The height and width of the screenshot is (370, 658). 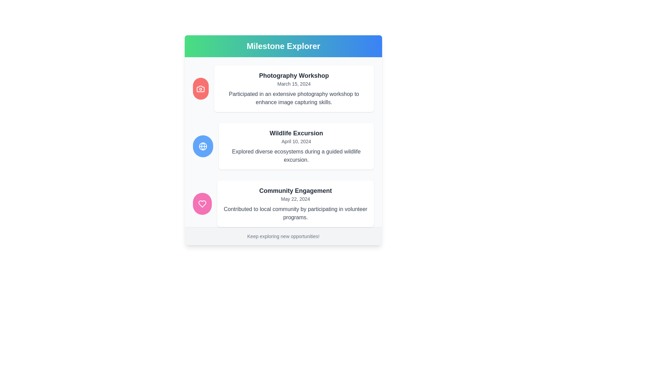 What do you see at coordinates (203, 146) in the screenshot?
I see `the icon representing the 'Wildlife Excursion' content section, which is located at the left side of this section and aligned with the text content` at bounding box center [203, 146].